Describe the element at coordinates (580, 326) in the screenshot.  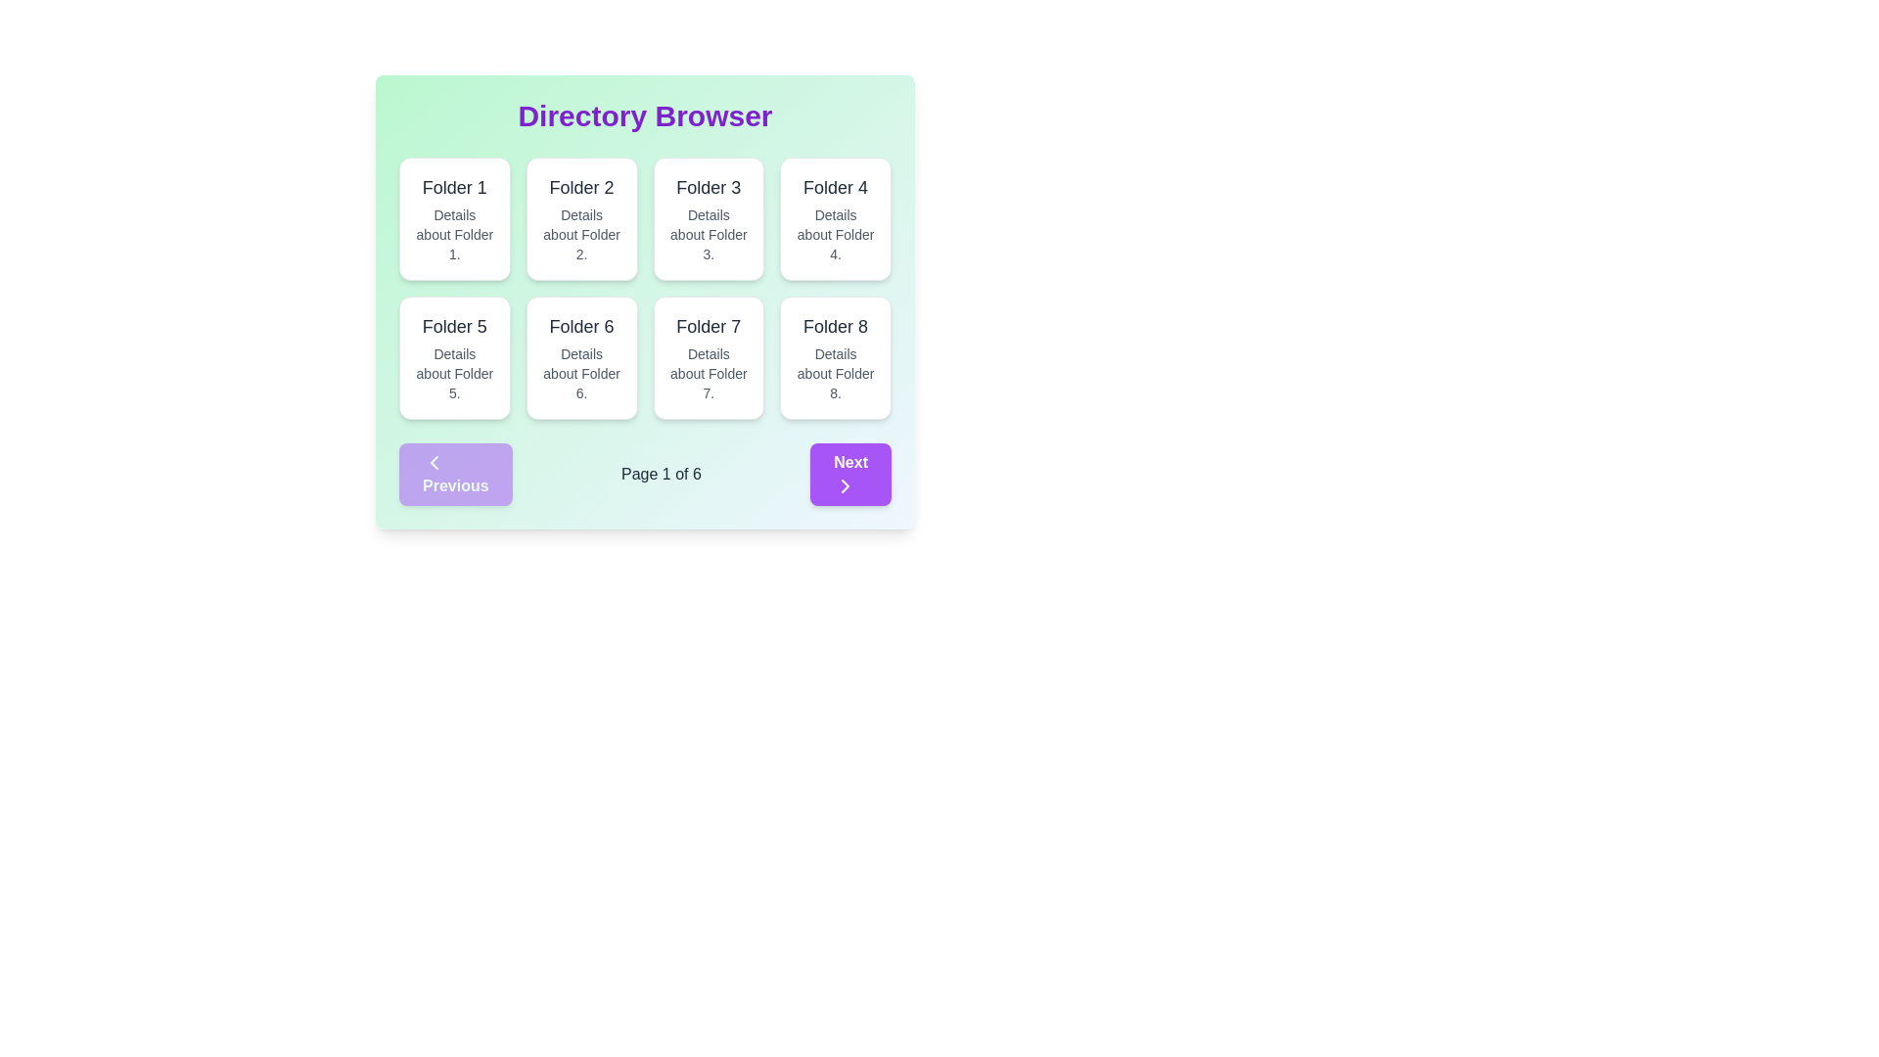
I see `the text label that identifies the card as 'Folder 6'` at that location.